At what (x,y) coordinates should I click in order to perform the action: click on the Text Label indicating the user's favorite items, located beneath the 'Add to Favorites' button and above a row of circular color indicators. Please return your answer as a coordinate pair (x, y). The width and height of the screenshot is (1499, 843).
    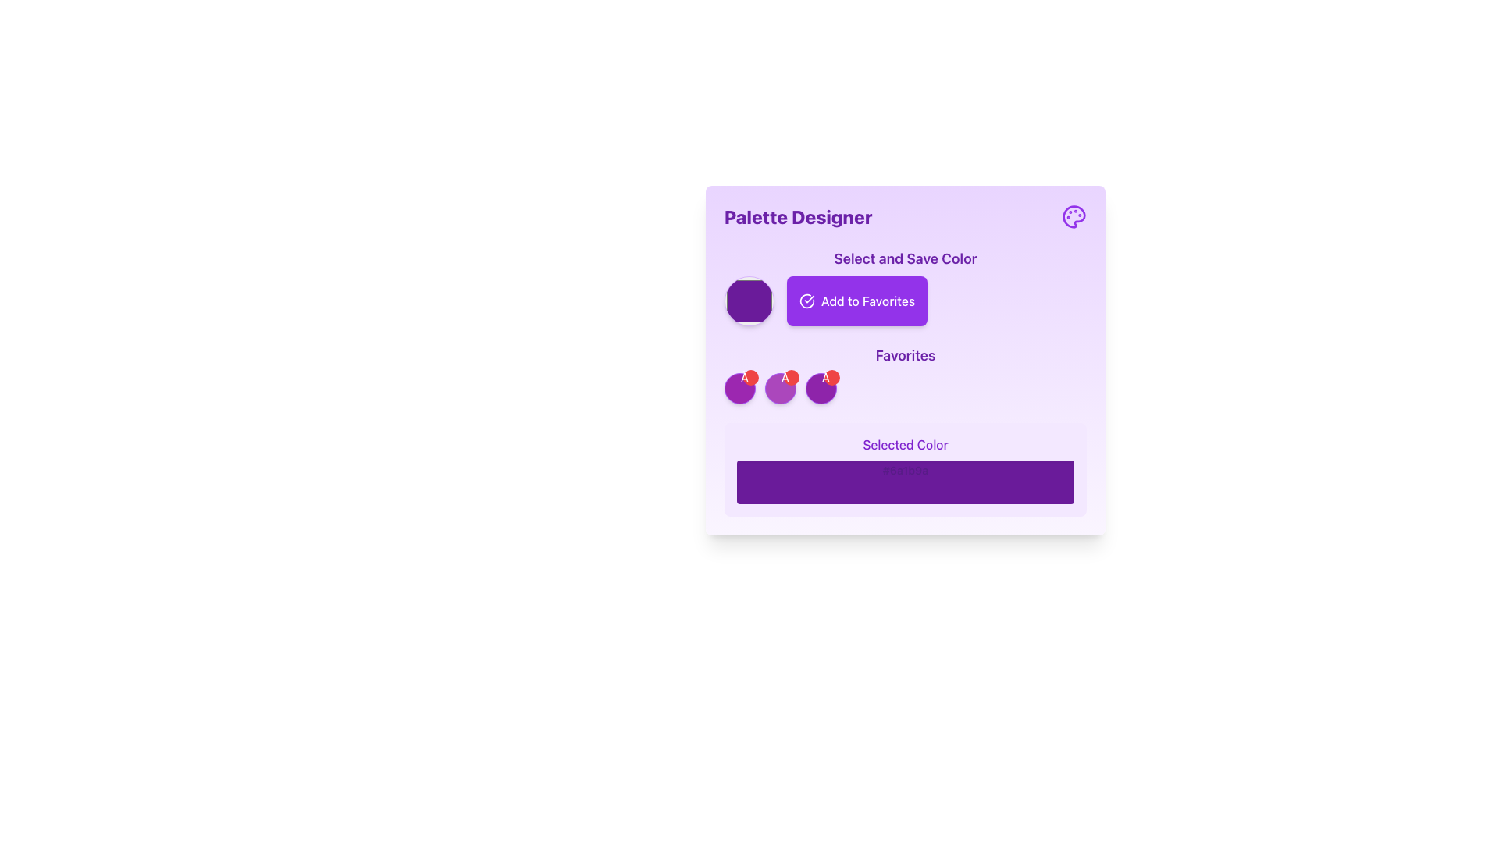
    Looking at the image, I should click on (906, 355).